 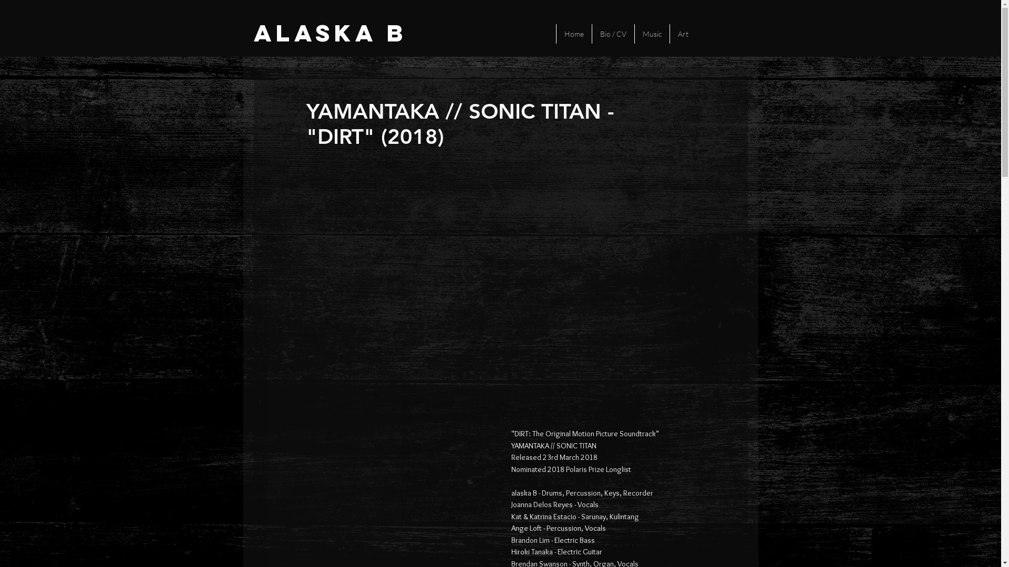 What do you see at coordinates (651, 33) in the screenshot?
I see `'Music'` at bounding box center [651, 33].